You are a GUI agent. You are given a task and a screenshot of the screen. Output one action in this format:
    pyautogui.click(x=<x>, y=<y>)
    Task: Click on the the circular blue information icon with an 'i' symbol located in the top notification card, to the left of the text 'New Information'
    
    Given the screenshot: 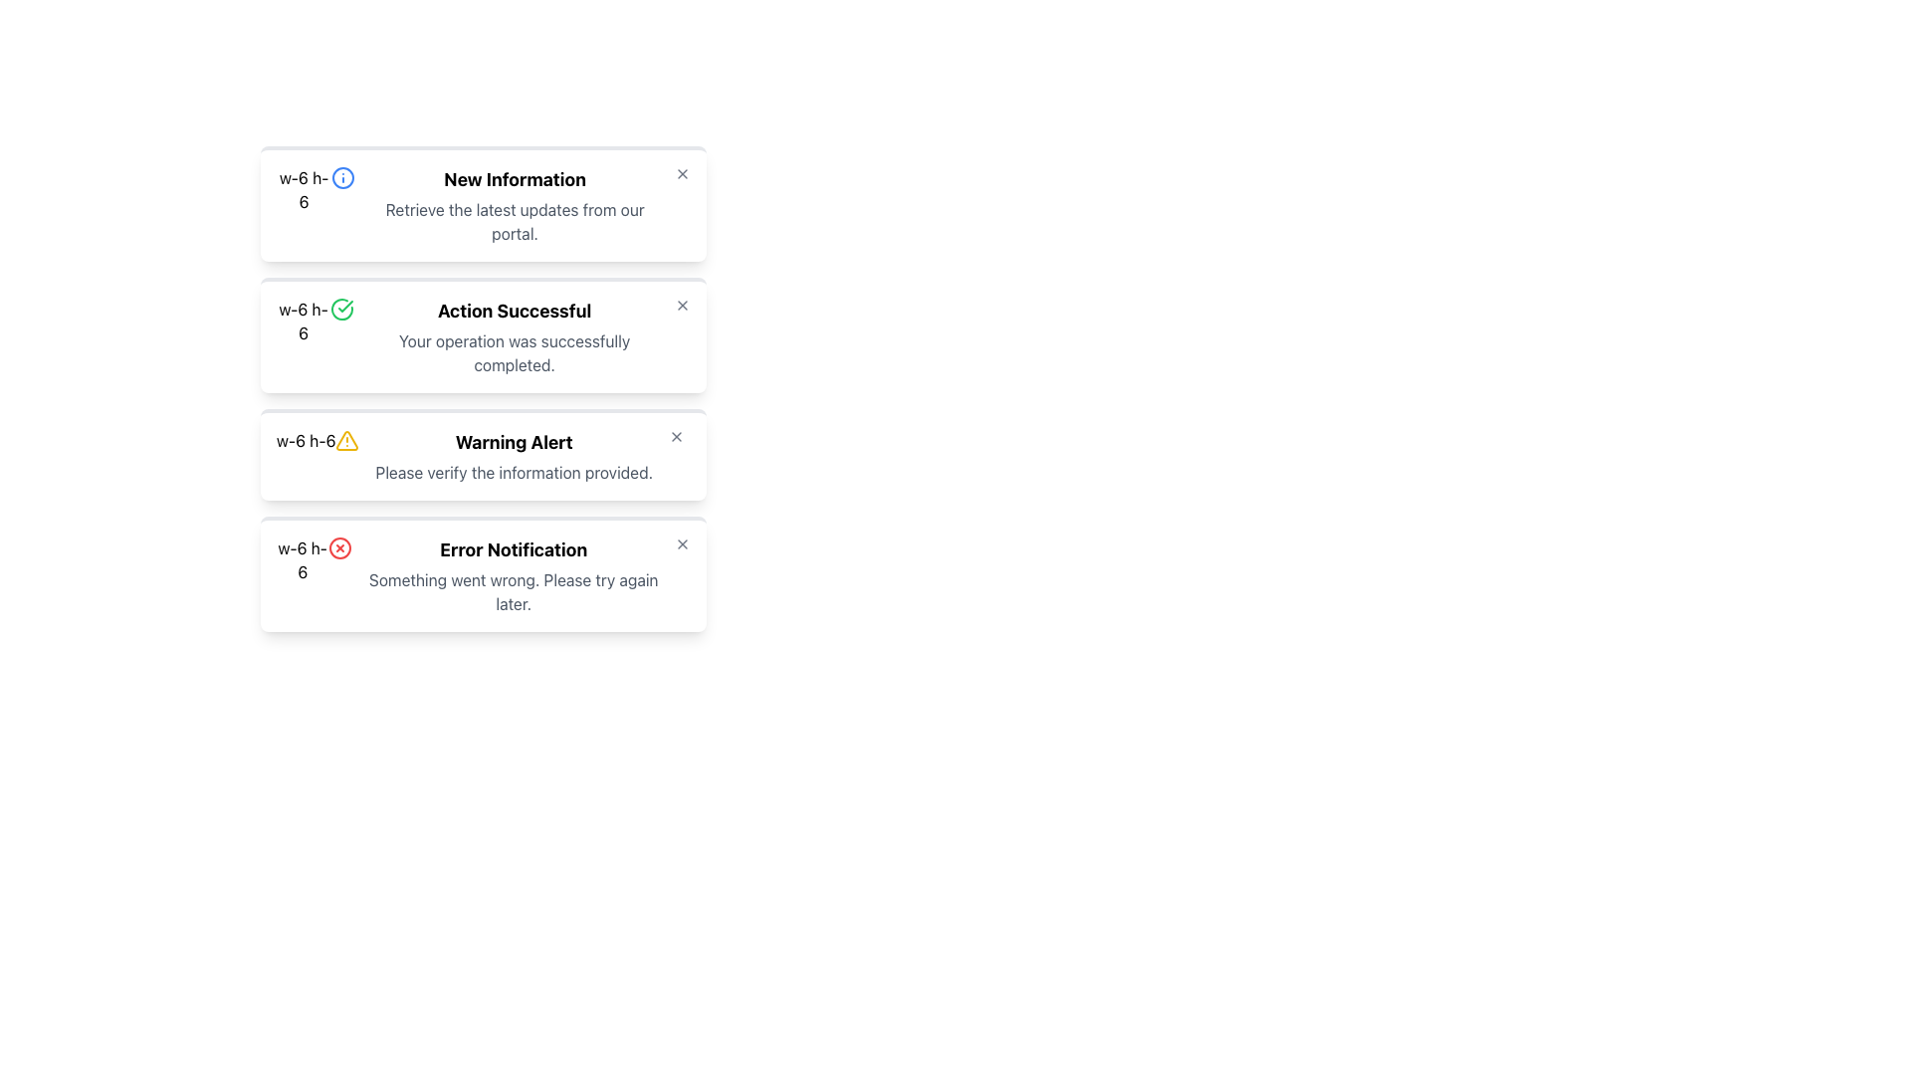 What is the action you would take?
    pyautogui.click(x=343, y=176)
    